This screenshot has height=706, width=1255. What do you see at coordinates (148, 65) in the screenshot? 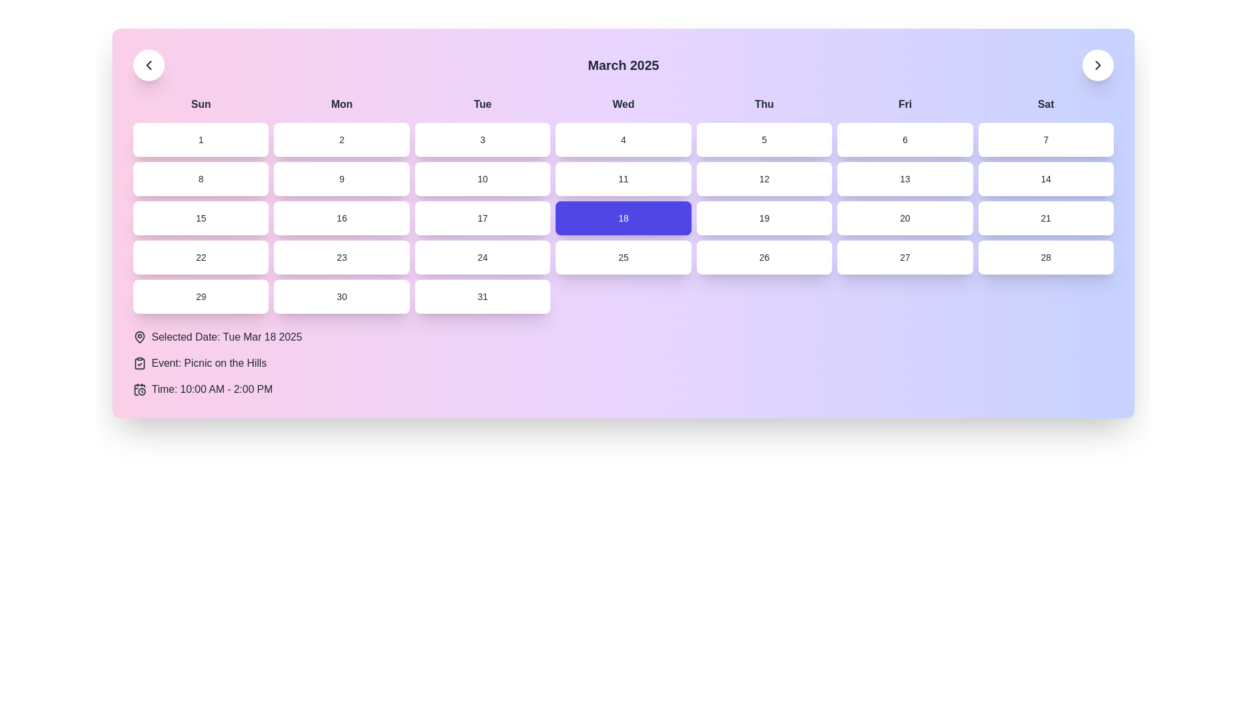
I see `the chevron-left directional marker icon, which serves as the 'previous' button for navigating to the previous time period in the calendar view` at bounding box center [148, 65].